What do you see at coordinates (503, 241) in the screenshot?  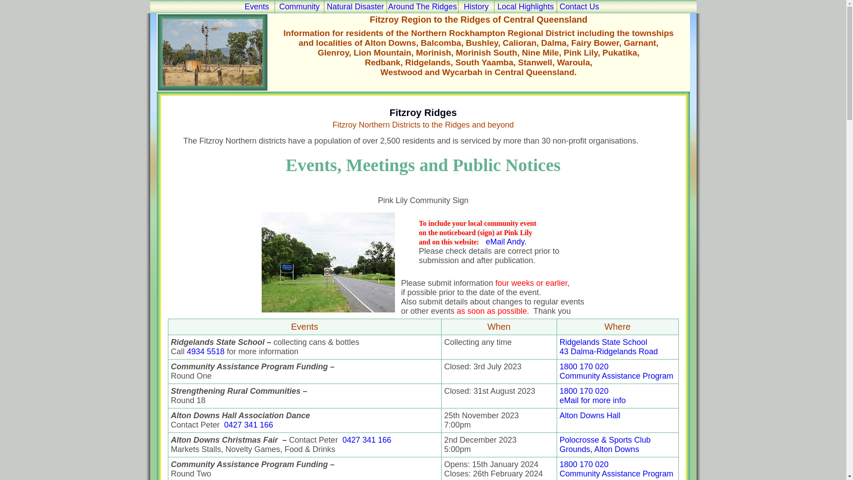 I see `'  eMail Andy.'` at bounding box center [503, 241].